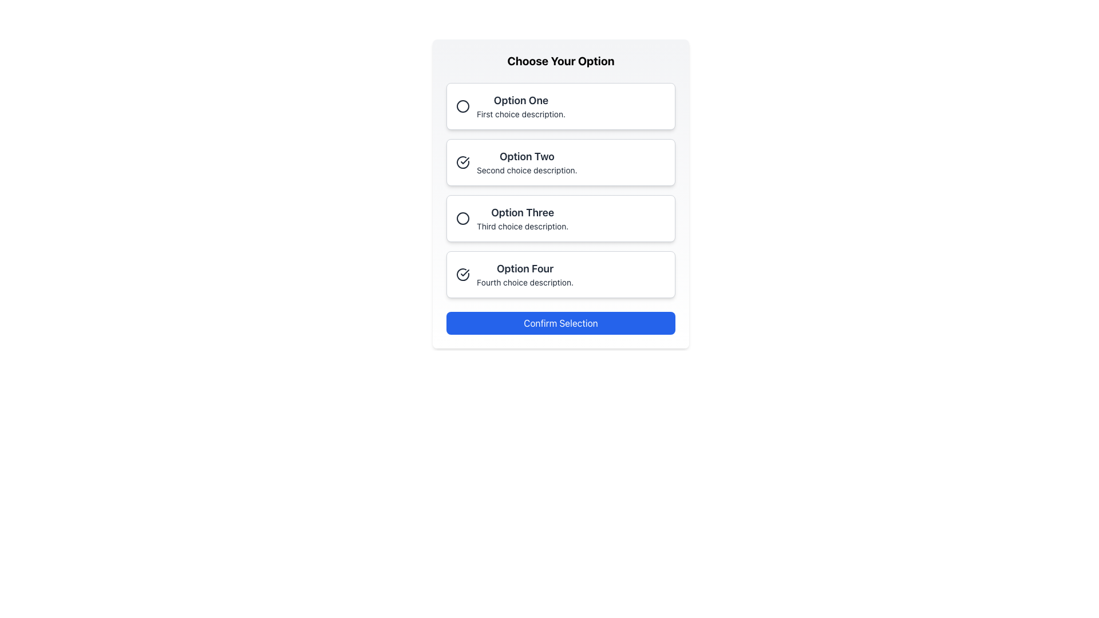 Image resolution: width=1099 pixels, height=618 pixels. What do you see at coordinates (560, 274) in the screenshot?
I see `the selectable option box labeled 'Option Four'` at bounding box center [560, 274].